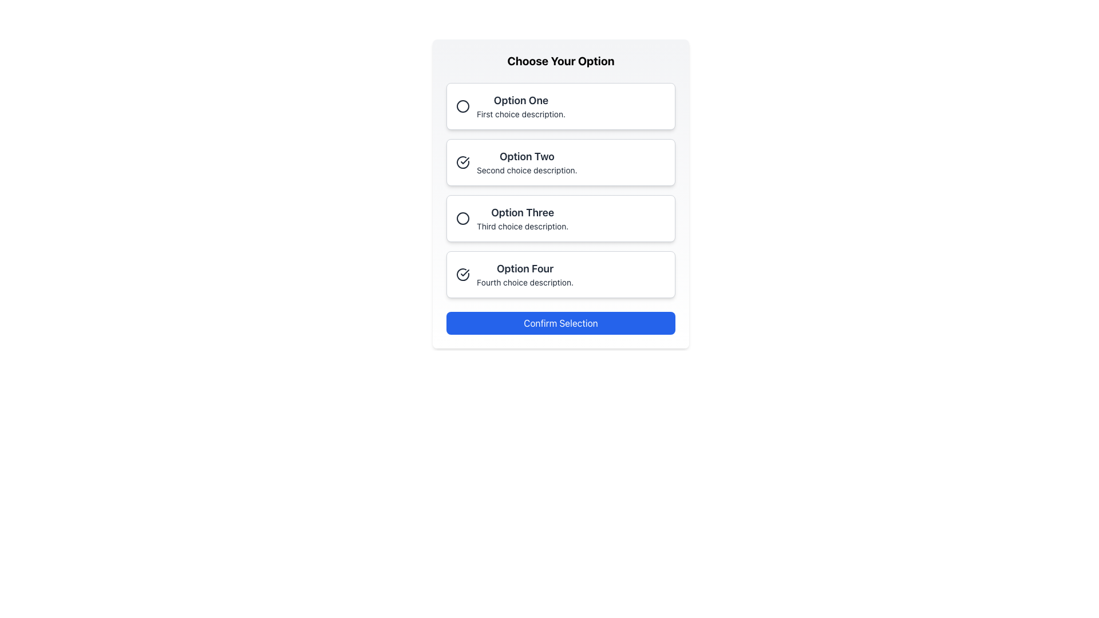 Image resolution: width=1099 pixels, height=618 pixels. What do you see at coordinates (560, 274) in the screenshot?
I see `the selectable option box labeled 'Option Four'` at bounding box center [560, 274].